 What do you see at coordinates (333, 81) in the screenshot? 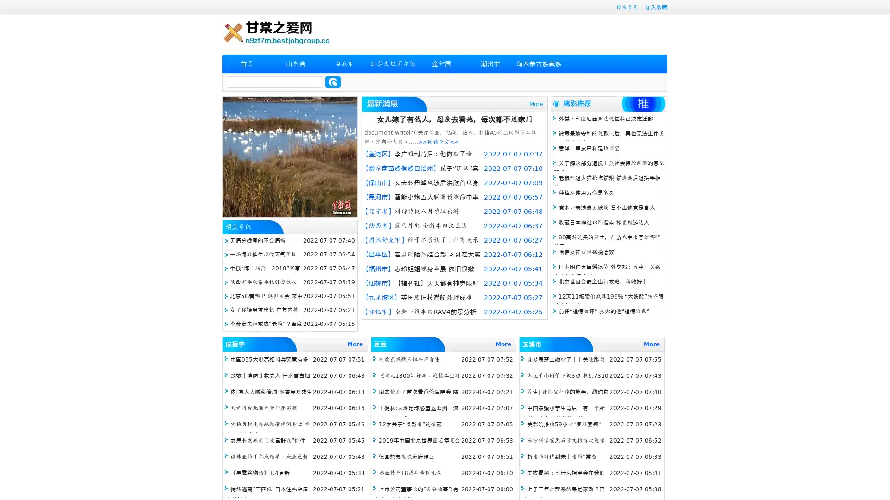
I see `Search` at bounding box center [333, 81].